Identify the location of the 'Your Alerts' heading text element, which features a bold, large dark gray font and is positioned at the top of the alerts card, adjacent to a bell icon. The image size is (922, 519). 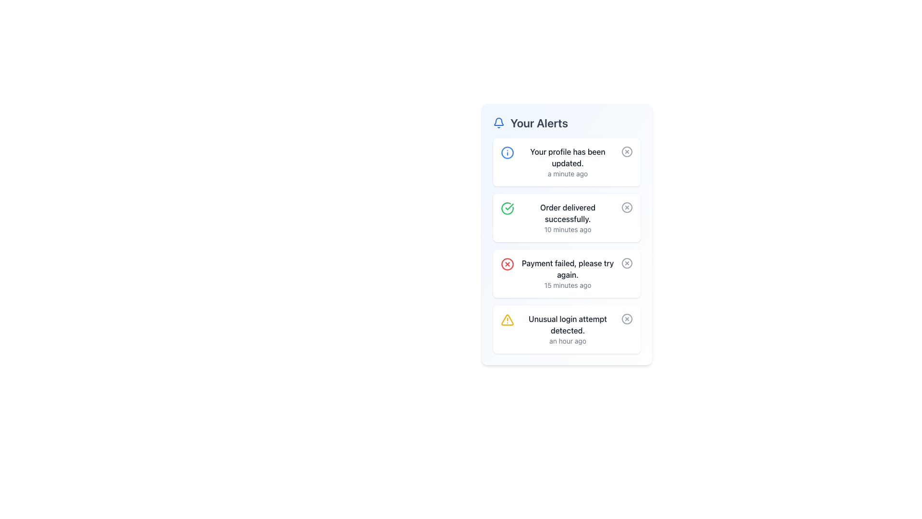
(567, 122).